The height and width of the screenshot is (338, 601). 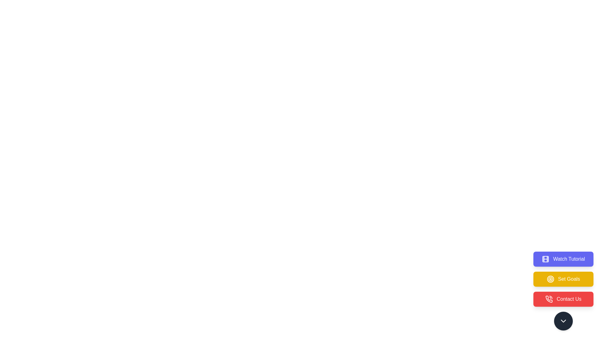 What do you see at coordinates (563, 299) in the screenshot?
I see `the Contact Us button to select the corresponding action` at bounding box center [563, 299].